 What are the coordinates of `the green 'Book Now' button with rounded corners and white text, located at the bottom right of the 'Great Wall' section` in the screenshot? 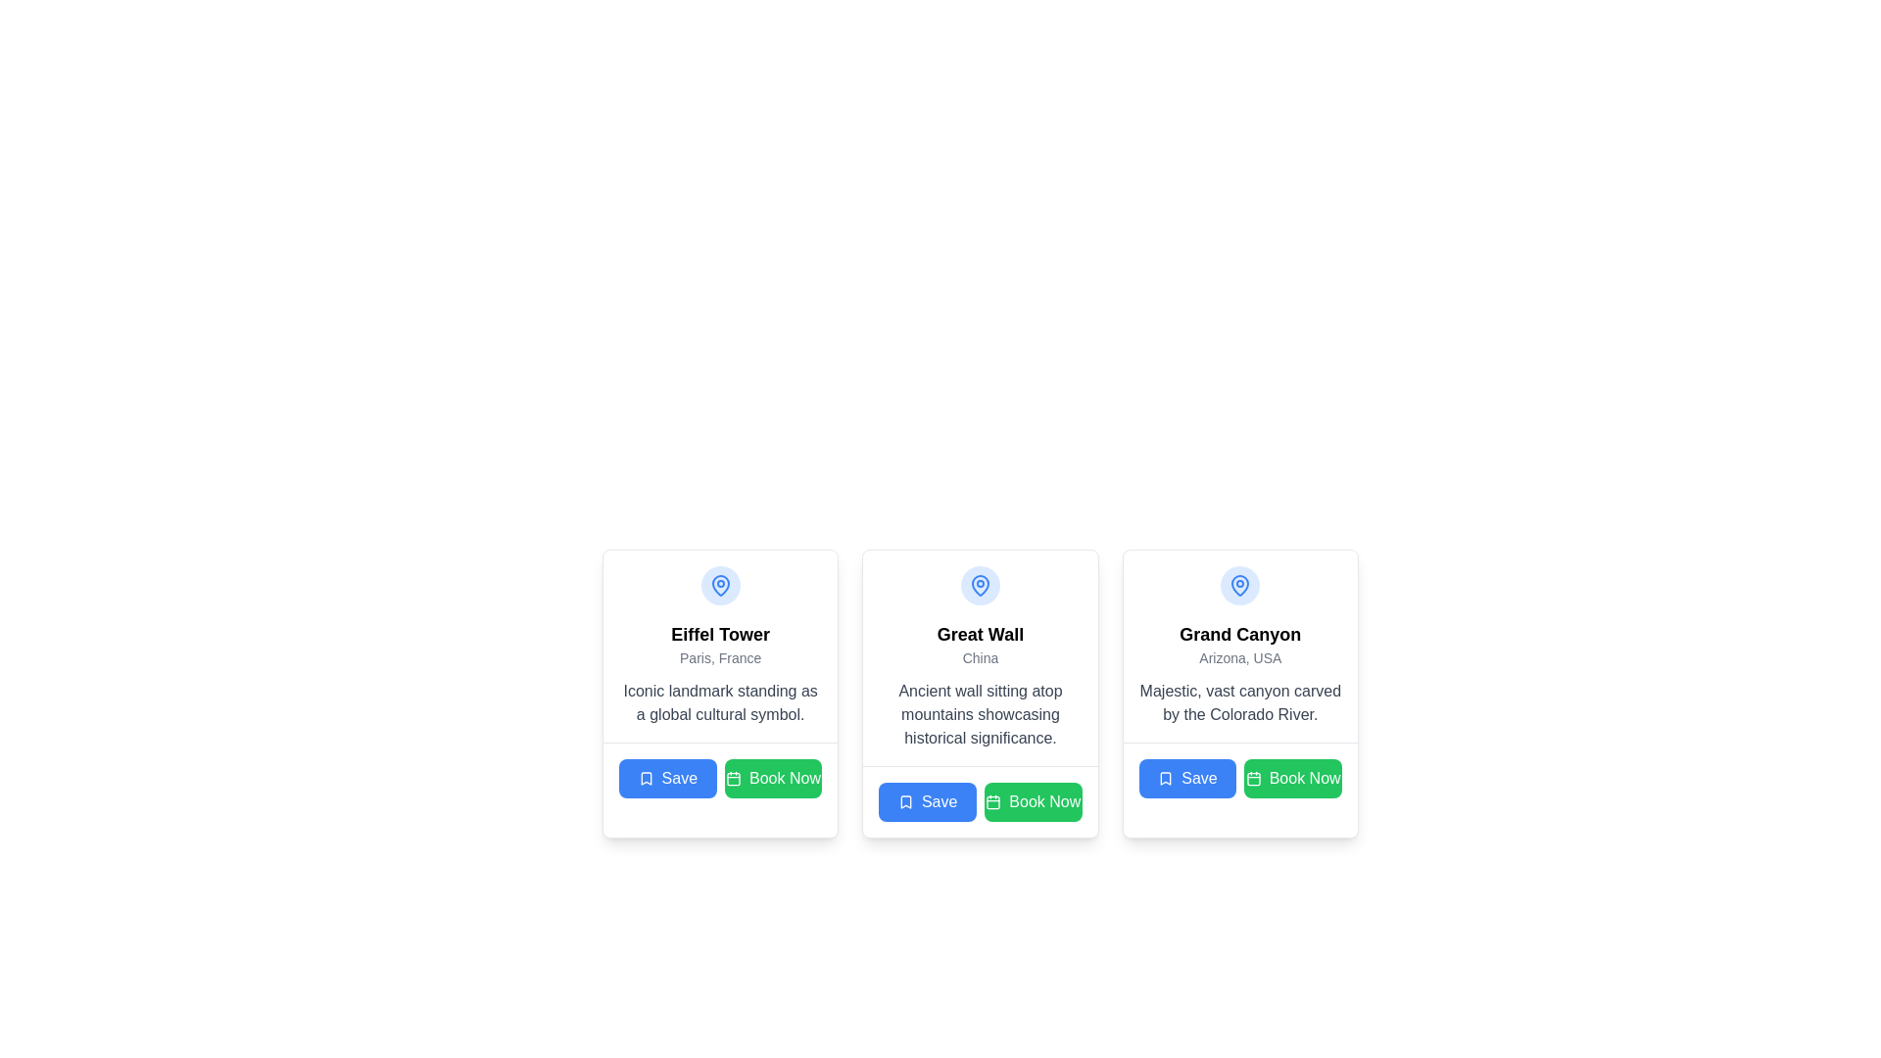 It's located at (1032, 801).